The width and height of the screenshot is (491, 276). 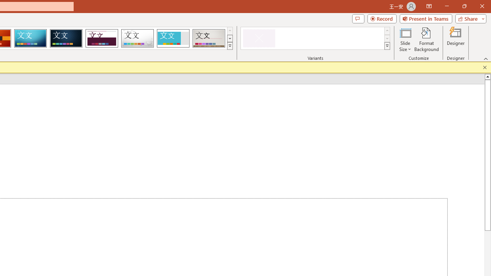 What do you see at coordinates (484, 67) in the screenshot?
I see `'Close this message'` at bounding box center [484, 67].